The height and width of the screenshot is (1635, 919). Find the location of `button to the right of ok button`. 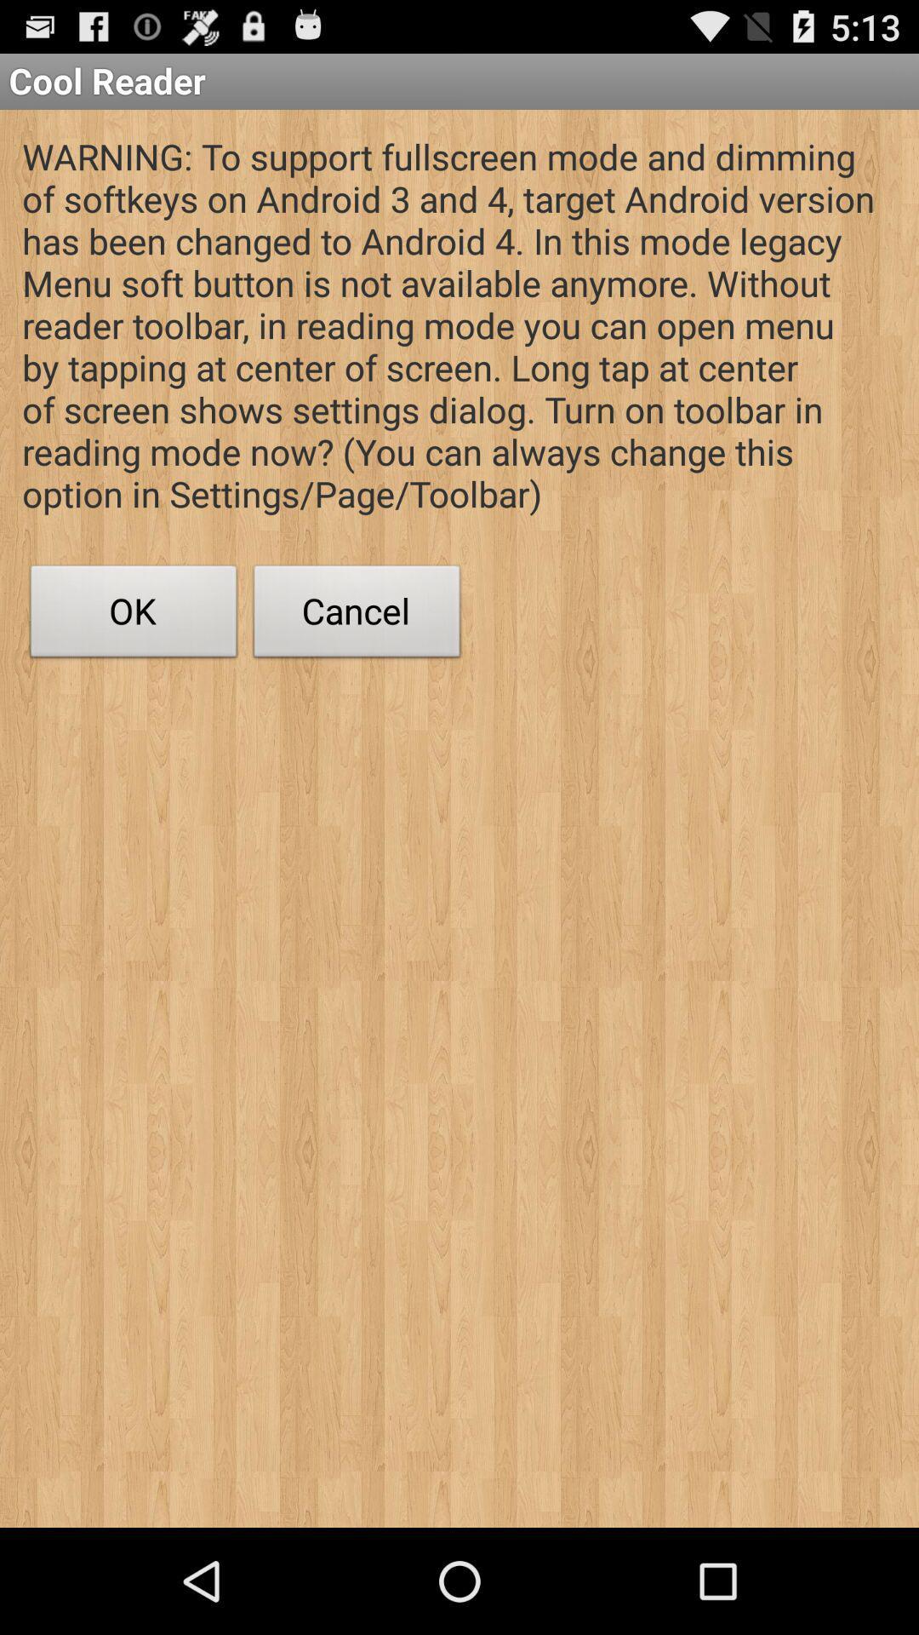

button to the right of ok button is located at coordinates (357, 615).